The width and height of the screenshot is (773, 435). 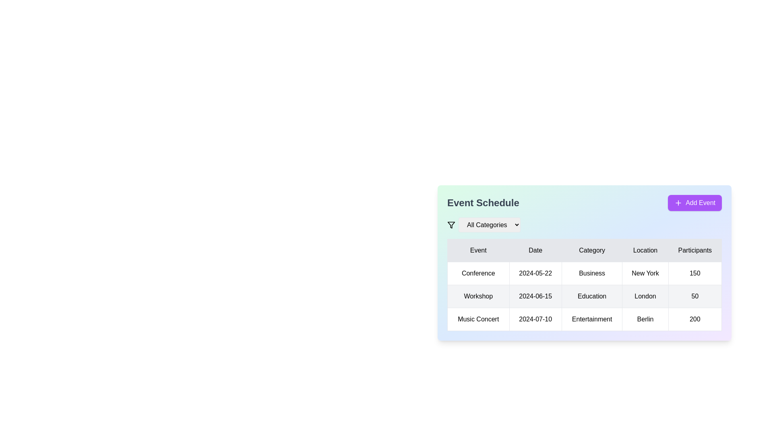 I want to click on the 'Date' column header in the table, which is the second column header located between the 'Event' and 'Category' columns, so click(x=535, y=250).